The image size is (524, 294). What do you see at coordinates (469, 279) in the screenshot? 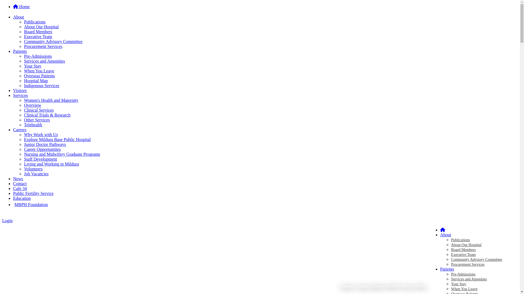
I see `'Services and Amenities'` at bounding box center [469, 279].